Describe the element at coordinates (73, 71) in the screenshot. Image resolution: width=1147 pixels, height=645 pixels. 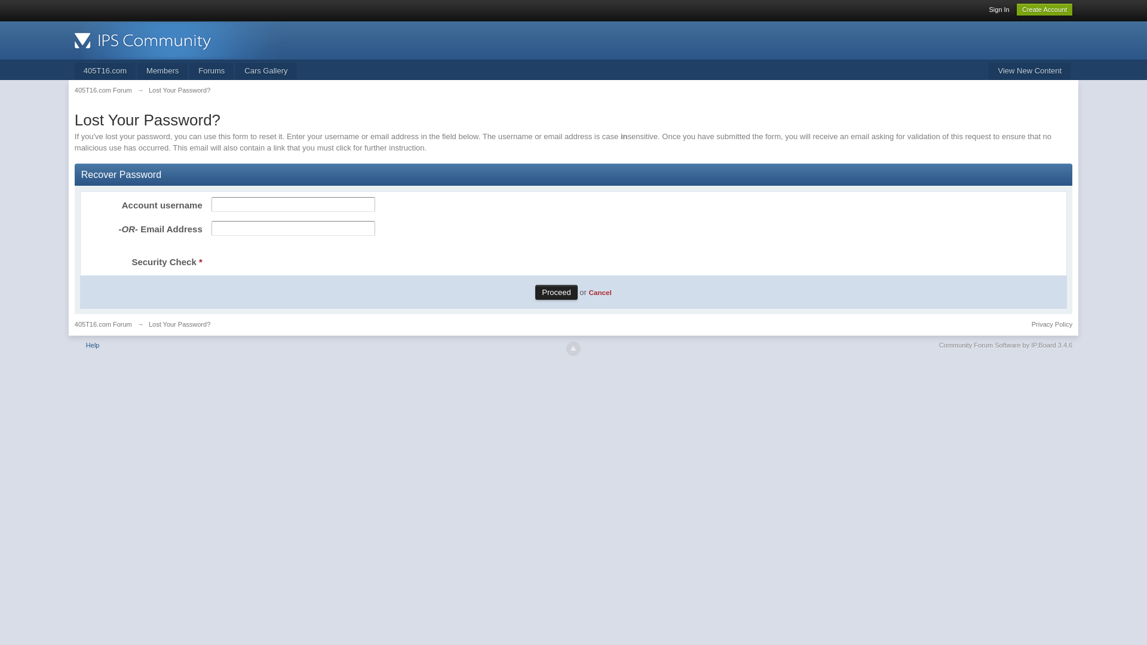
I see `'405T16.com'` at that location.